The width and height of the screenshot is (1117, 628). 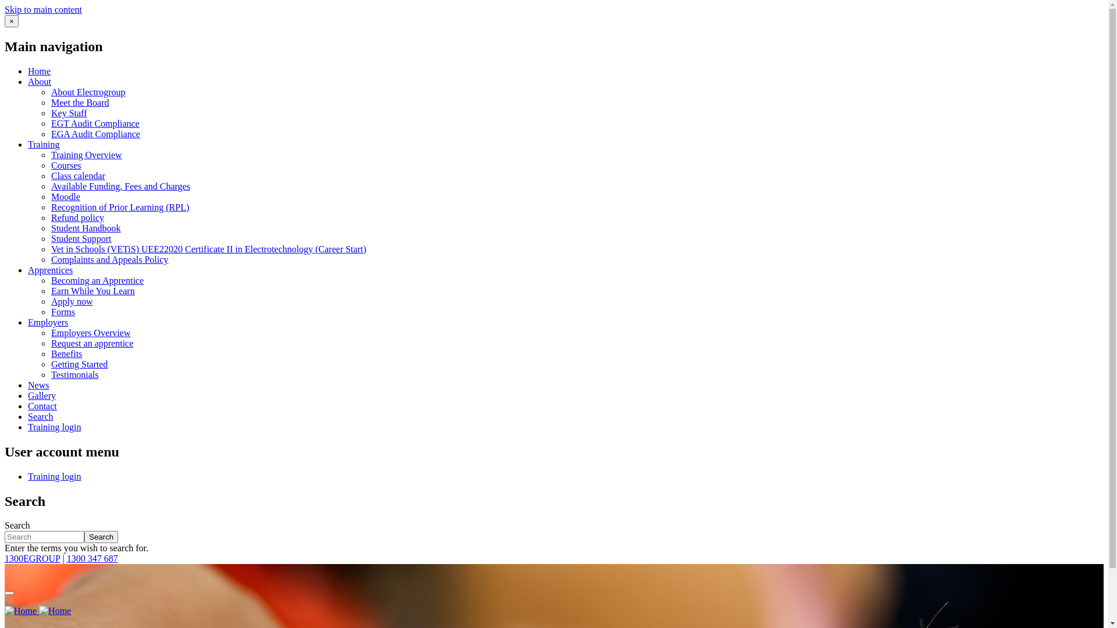 What do you see at coordinates (62, 311) in the screenshot?
I see `'Forms'` at bounding box center [62, 311].